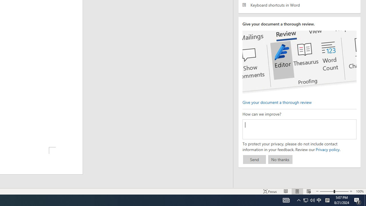  I want to click on 'How can we improve?', so click(299, 129).